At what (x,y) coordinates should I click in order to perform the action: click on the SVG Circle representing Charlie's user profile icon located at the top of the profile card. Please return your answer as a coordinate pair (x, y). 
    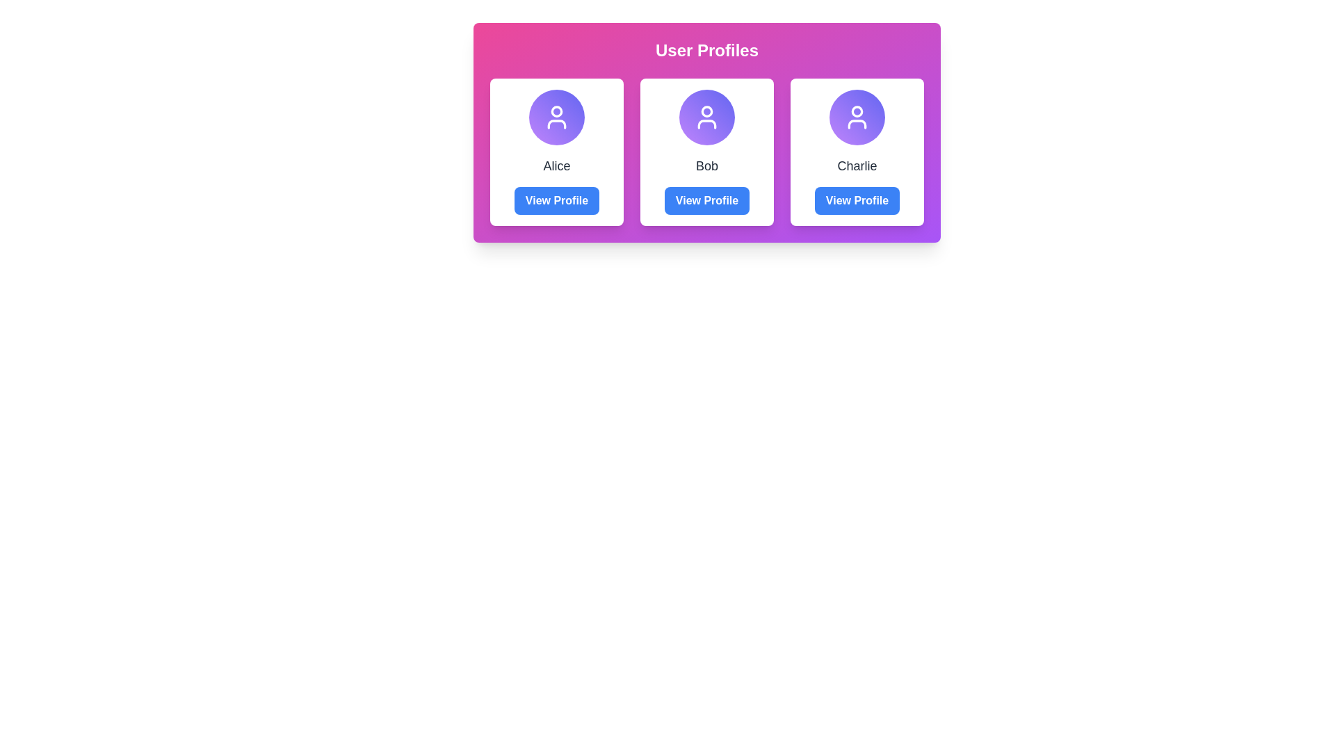
    Looking at the image, I should click on (857, 110).